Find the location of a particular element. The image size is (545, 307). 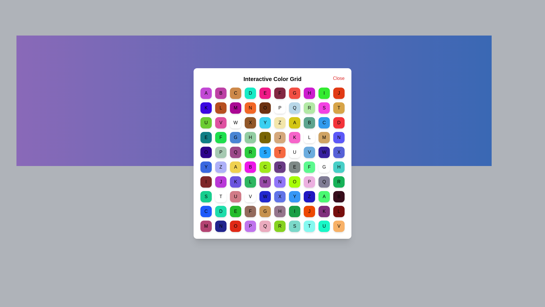

the grid cell labeled Y to view its color message is located at coordinates (265, 123).